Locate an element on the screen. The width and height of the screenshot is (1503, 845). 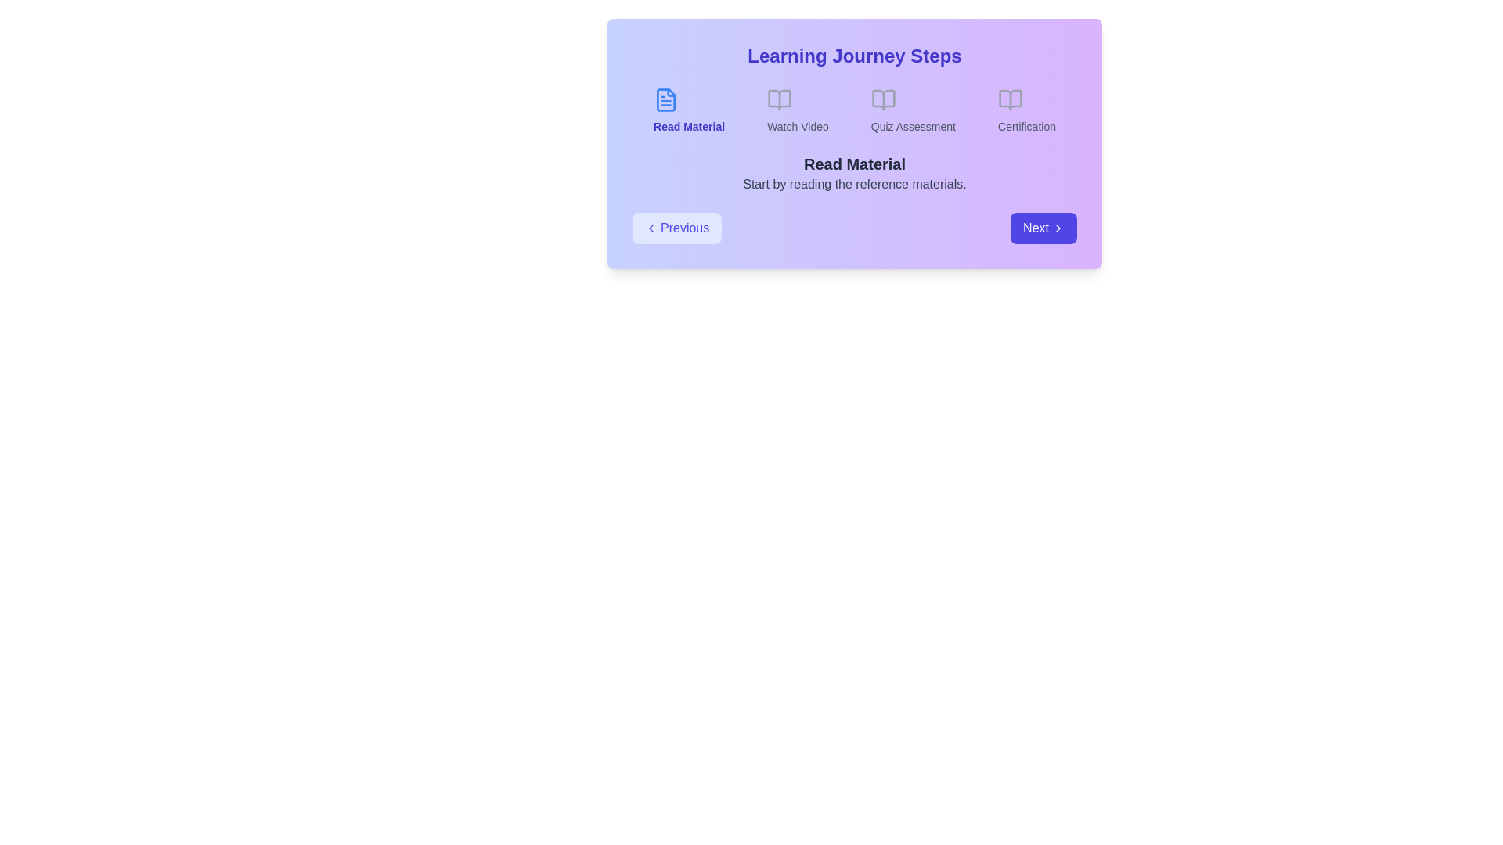
the 'Quiz Assessment' icon, which is the second icon in the horizontal array of four under the 'Learning Journey Steps' title is located at coordinates (883, 99).